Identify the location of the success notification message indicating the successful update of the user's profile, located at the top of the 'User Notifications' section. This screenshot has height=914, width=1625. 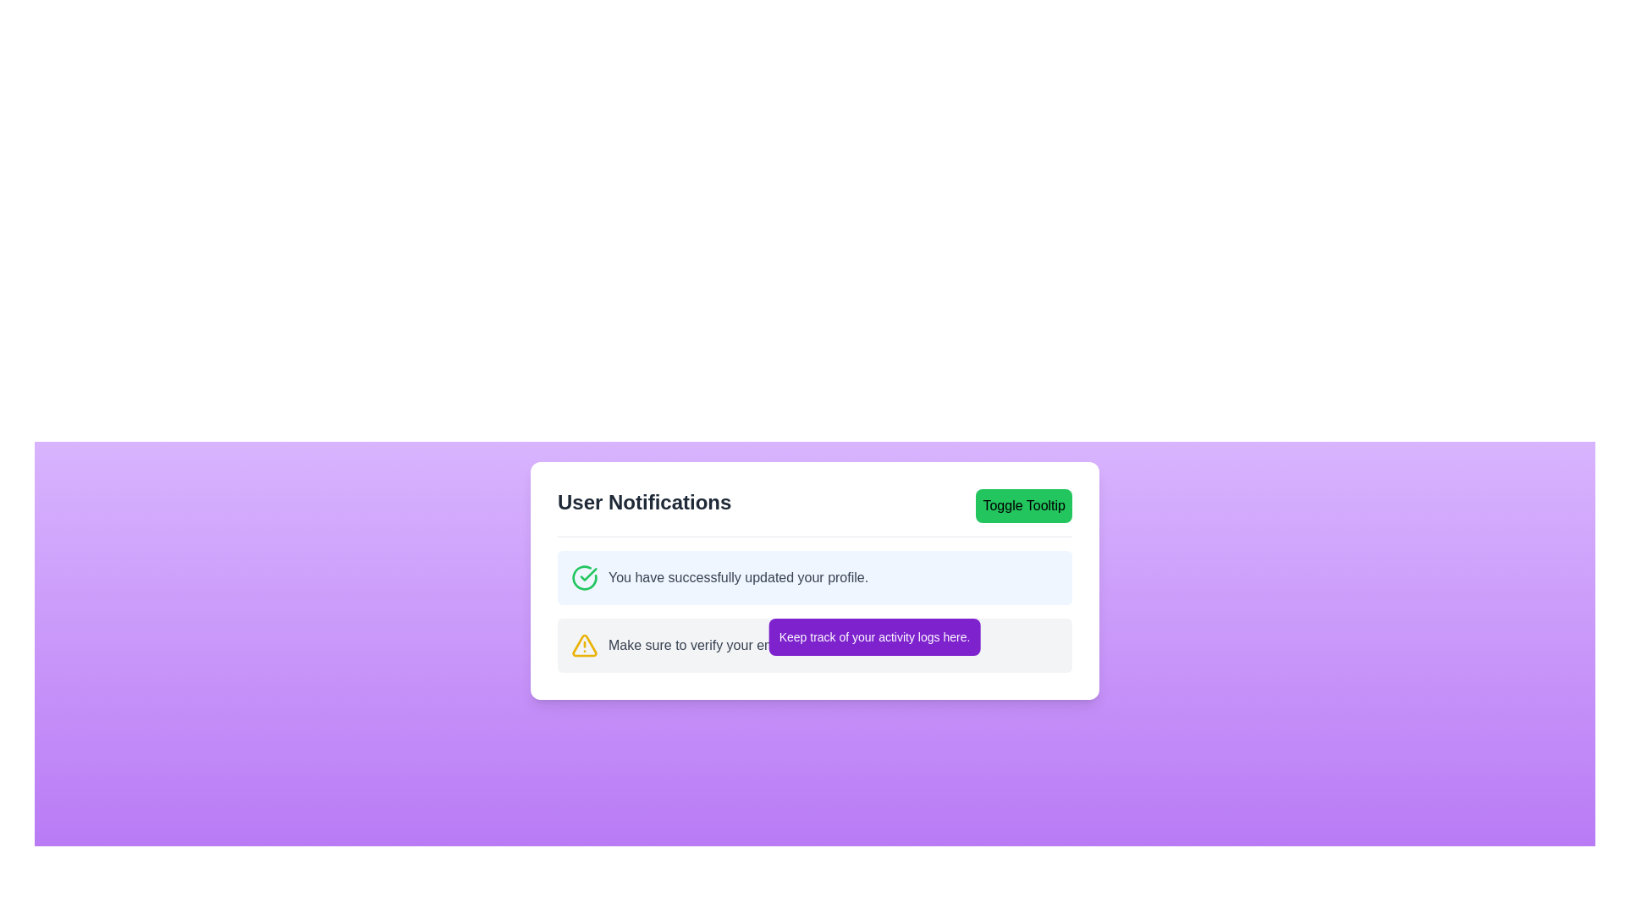
(719, 576).